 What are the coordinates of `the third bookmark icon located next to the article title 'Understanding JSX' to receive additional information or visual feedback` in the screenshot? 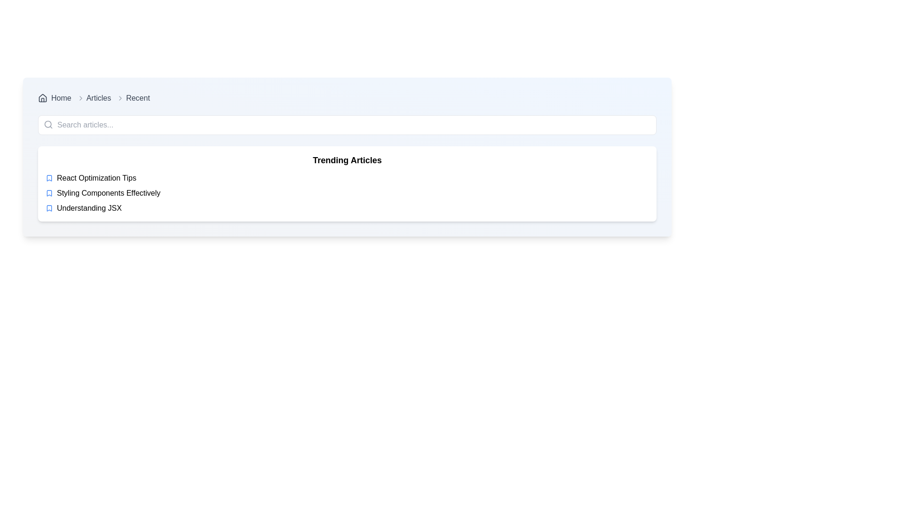 It's located at (49, 208).